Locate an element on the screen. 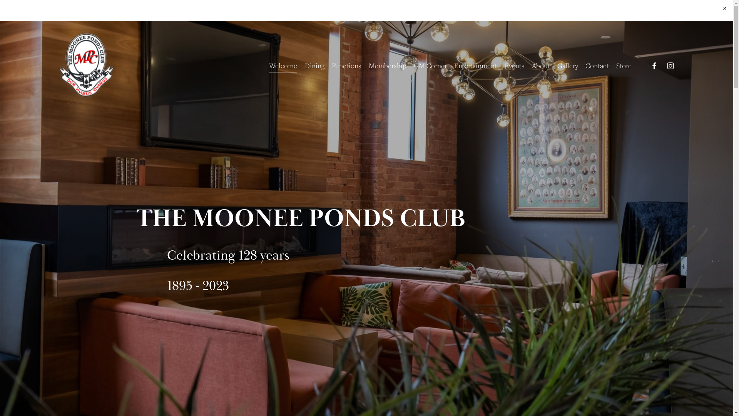  'Welcome' is located at coordinates (269, 65).